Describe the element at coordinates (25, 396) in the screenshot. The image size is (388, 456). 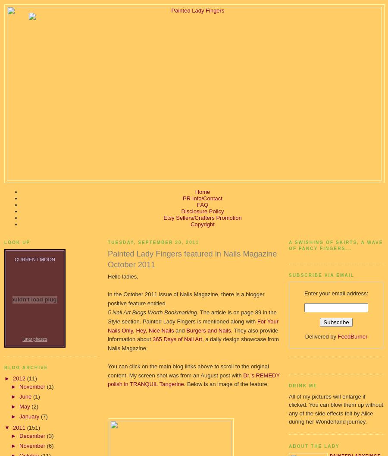
I see `'June'` at that location.